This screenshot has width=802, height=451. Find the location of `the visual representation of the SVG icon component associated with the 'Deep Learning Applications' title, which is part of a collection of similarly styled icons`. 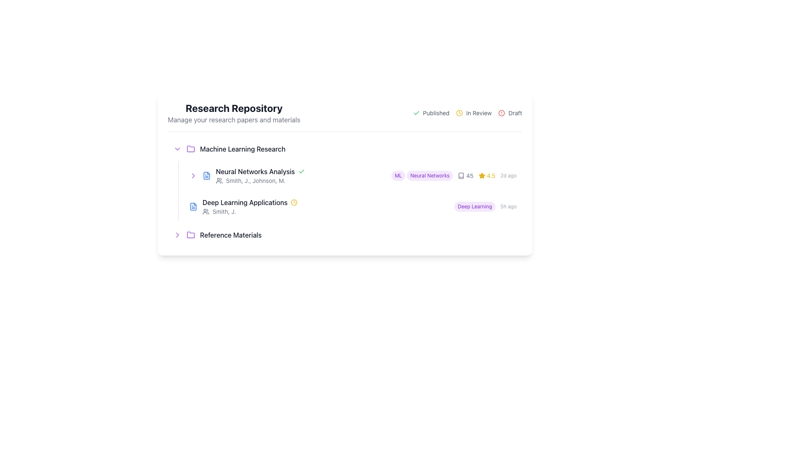

the visual representation of the SVG icon component associated with the 'Deep Learning Applications' title, which is part of a collection of similarly styled icons is located at coordinates (193, 206).